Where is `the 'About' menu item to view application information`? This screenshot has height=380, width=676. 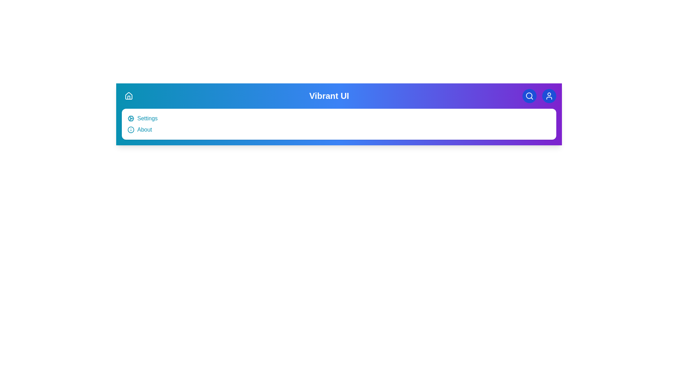 the 'About' menu item to view application information is located at coordinates (144, 130).